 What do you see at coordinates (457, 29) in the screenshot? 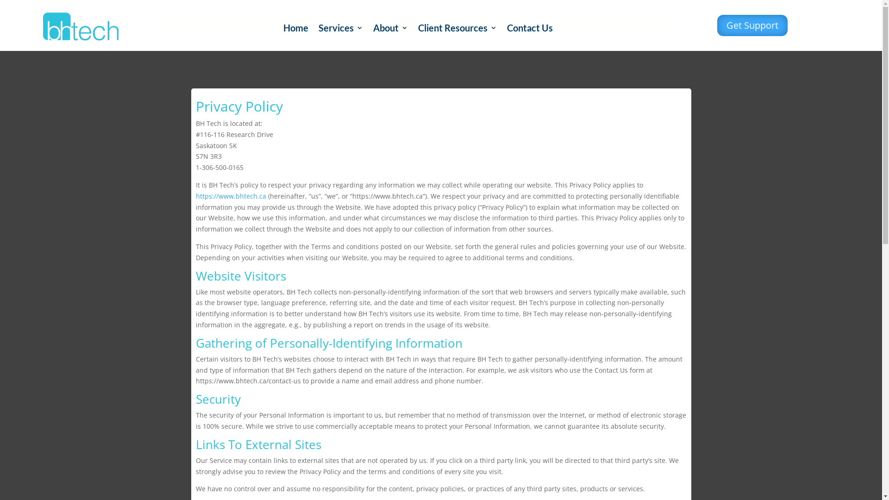
I see `'Client Resources'` at bounding box center [457, 29].